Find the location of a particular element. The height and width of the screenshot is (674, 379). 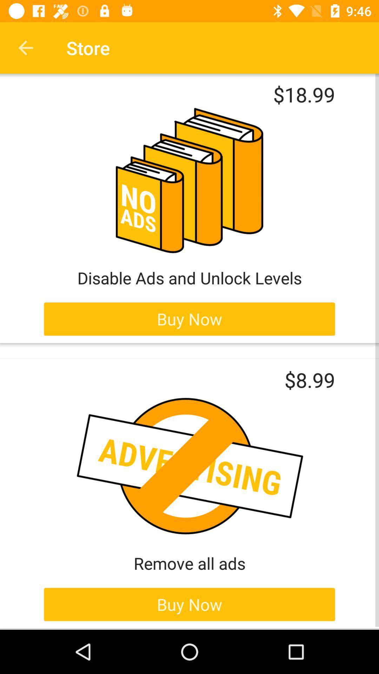

icon next to the store item is located at coordinates (25, 47).